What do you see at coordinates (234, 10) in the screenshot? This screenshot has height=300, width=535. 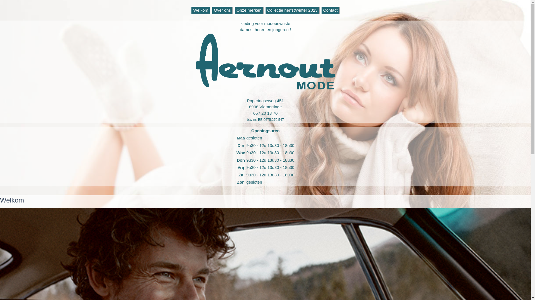 I see `'Onze merken'` at bounding box center [234, 10].